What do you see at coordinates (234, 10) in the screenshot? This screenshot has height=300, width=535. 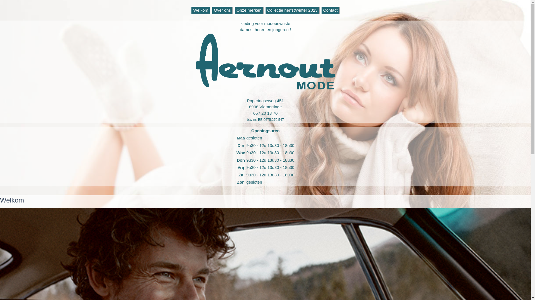 I see `'Onze merken'` at bounding box center [234, 10].